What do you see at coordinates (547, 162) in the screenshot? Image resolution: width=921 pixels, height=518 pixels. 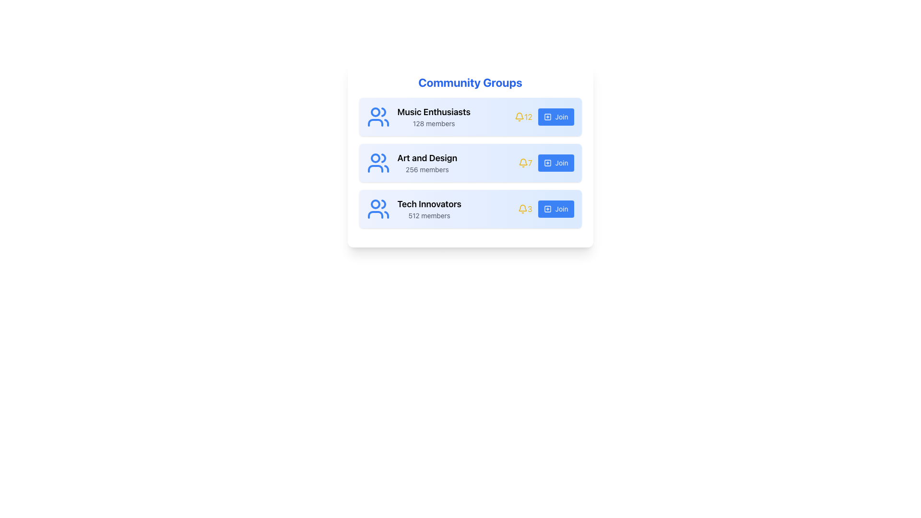 I see `the small square-shaped SVG button component with rounded corners, located adjacent to the 'Join' button in the community groups list` at bounding box center [547, 162].